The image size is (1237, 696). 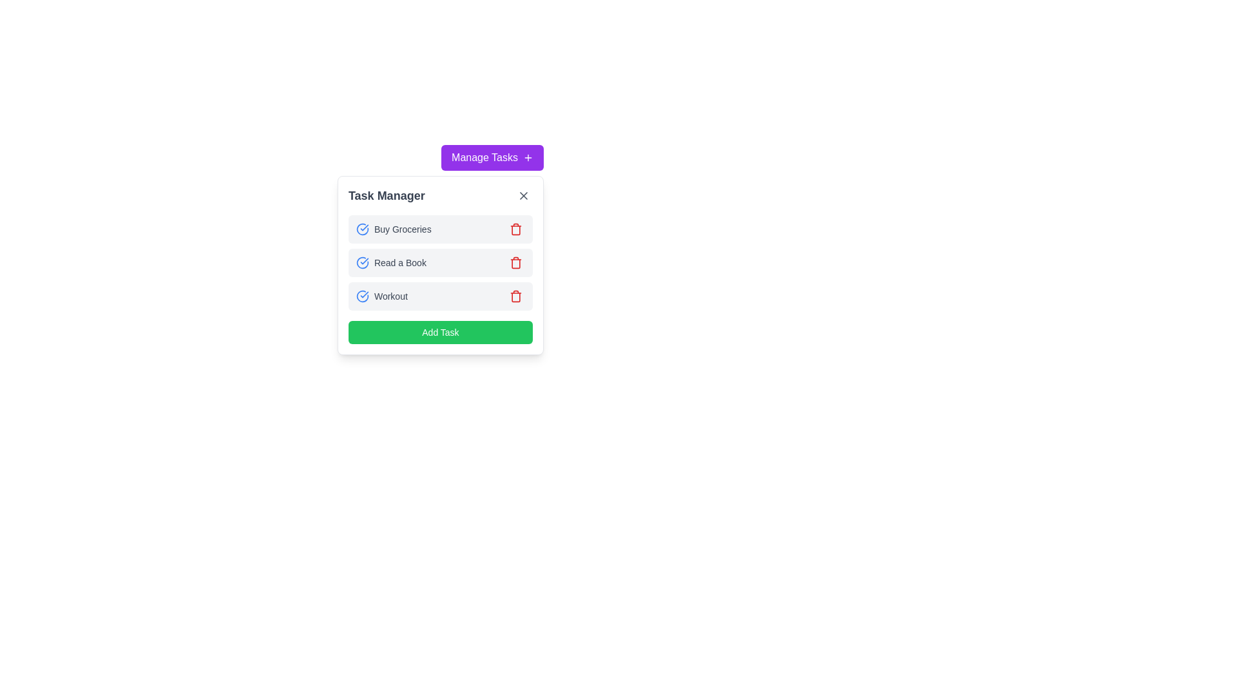 What do you see at coordinates (381, 296) in the screenshot?
I see `the text 'Workout' in the List item with text and icon component` at bounding box center [381, 296].